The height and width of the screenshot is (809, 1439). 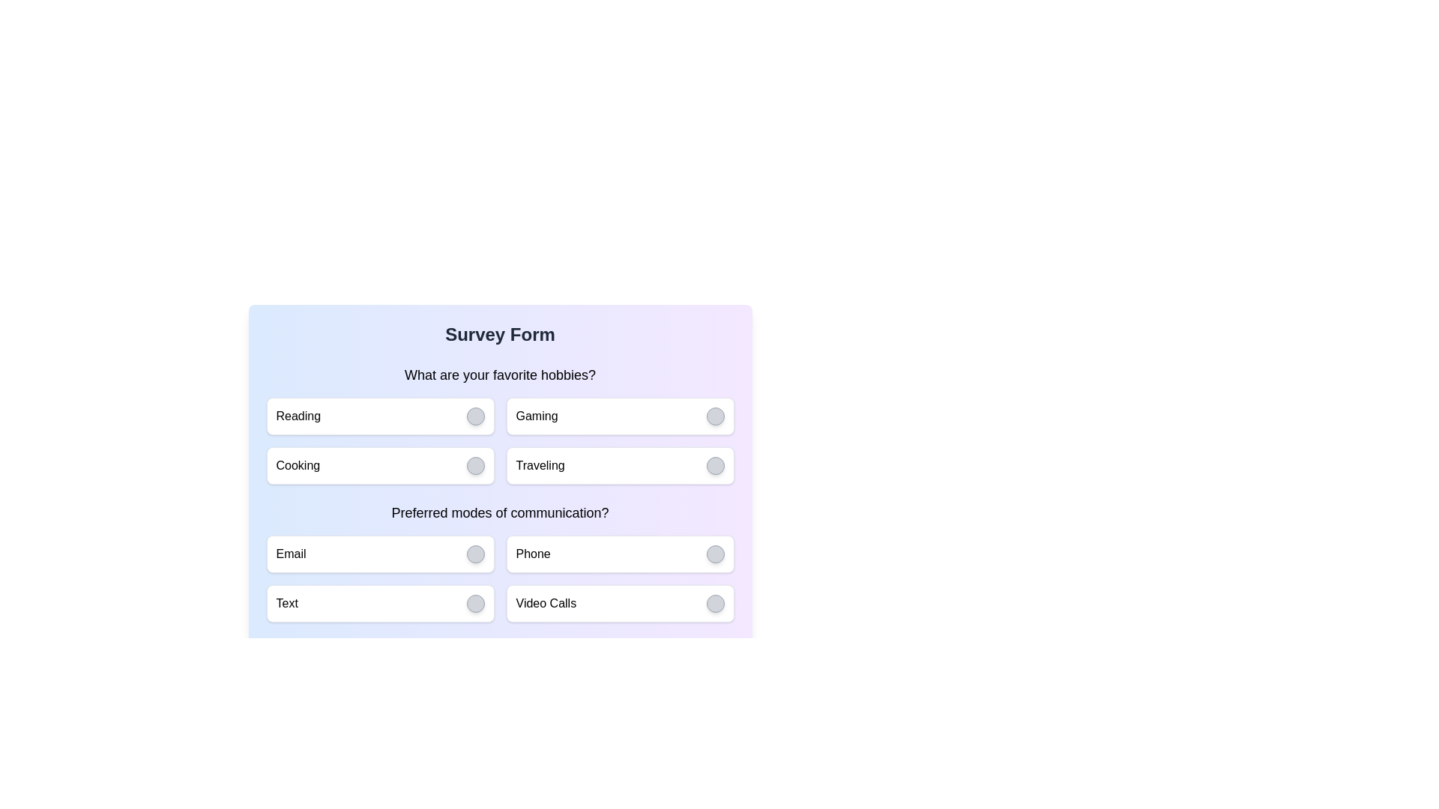 I want to click on the circular radio button for the 'Gaming' option in the survey form under the question 'What are your favorite hobbies?', so click(x=620, y=416).